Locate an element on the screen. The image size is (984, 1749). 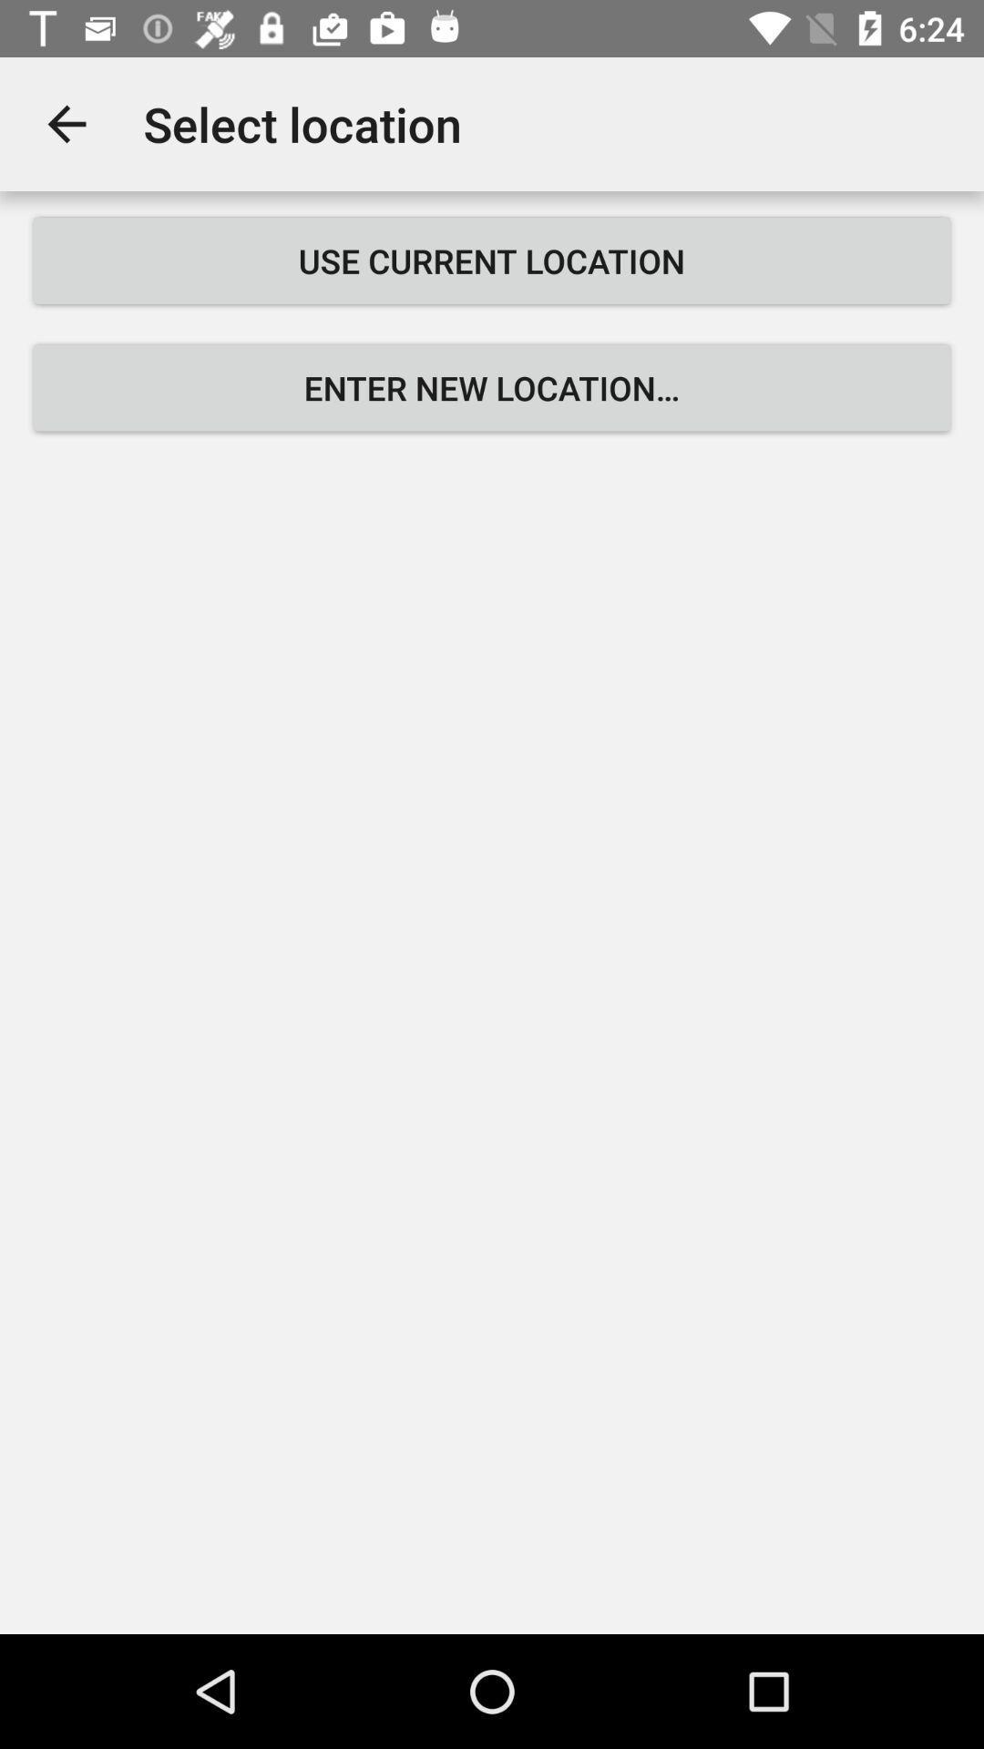
the use current location item is located at coordinates (492, 260).